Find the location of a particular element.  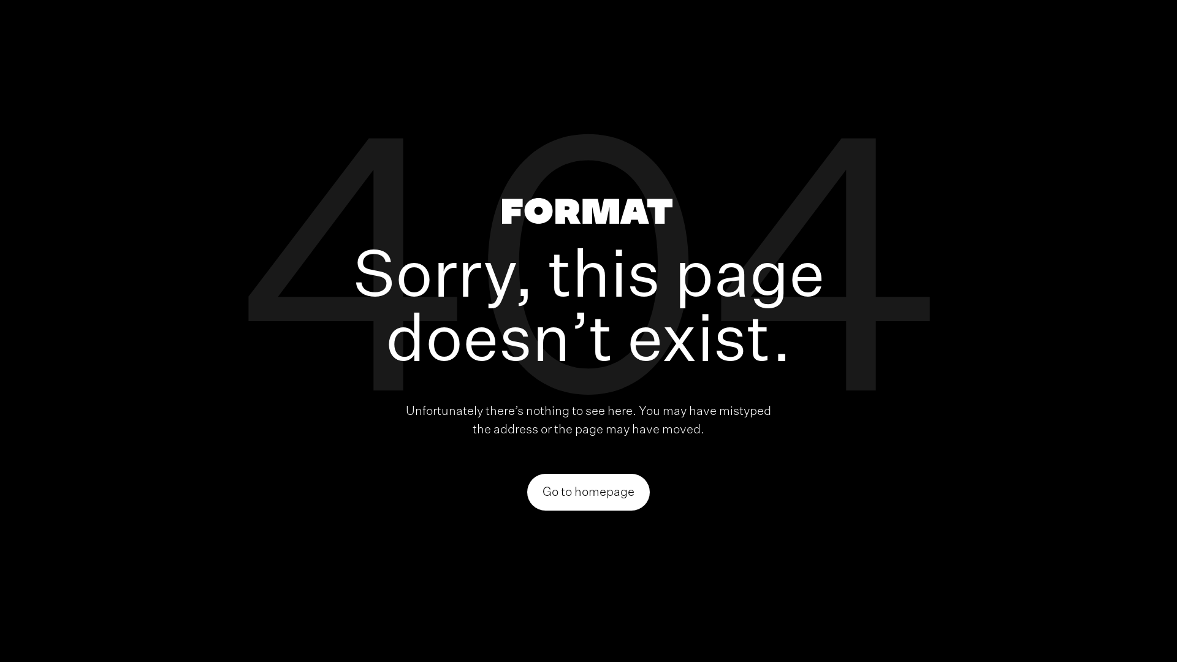

'Go to homepage' is located at coordinates (588, 491).